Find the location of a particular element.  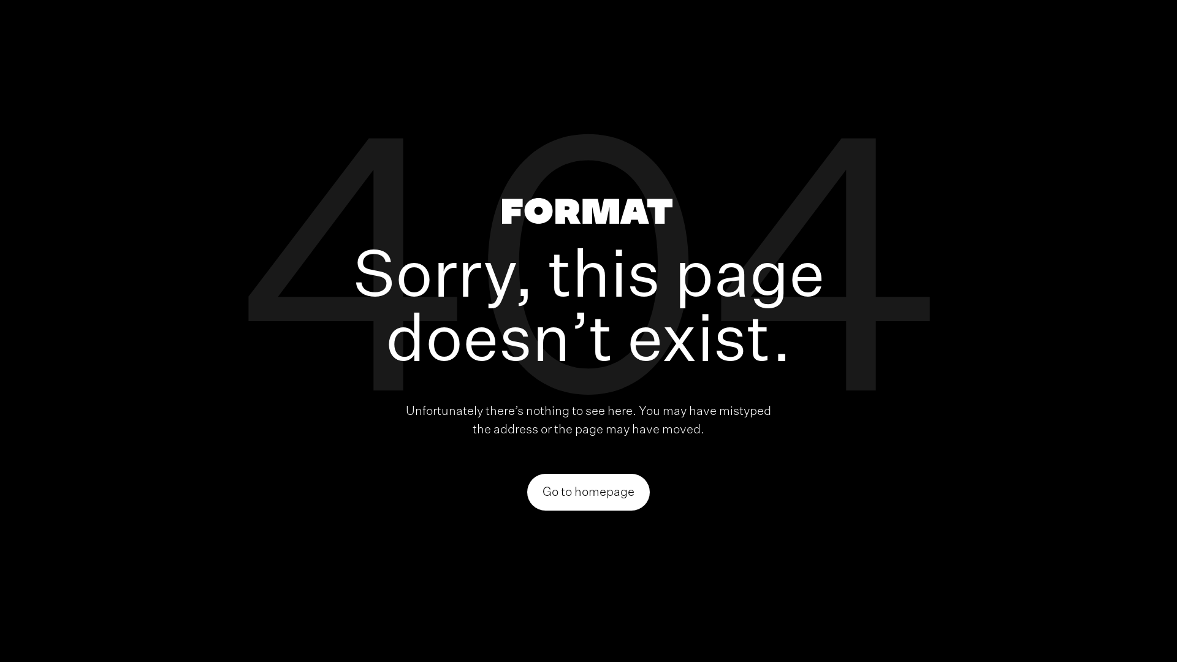

'Go to homepage' is located at coordinates (588, 491).